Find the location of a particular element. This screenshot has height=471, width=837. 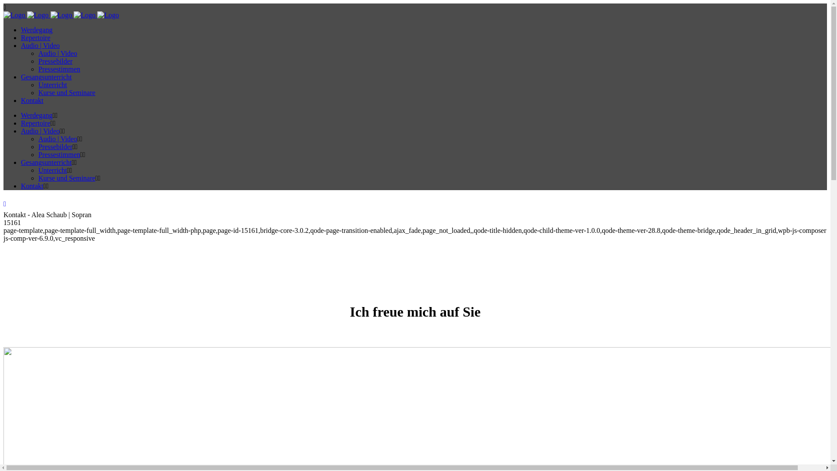

'Pressestimmen' is located at coordinates (58, 154).